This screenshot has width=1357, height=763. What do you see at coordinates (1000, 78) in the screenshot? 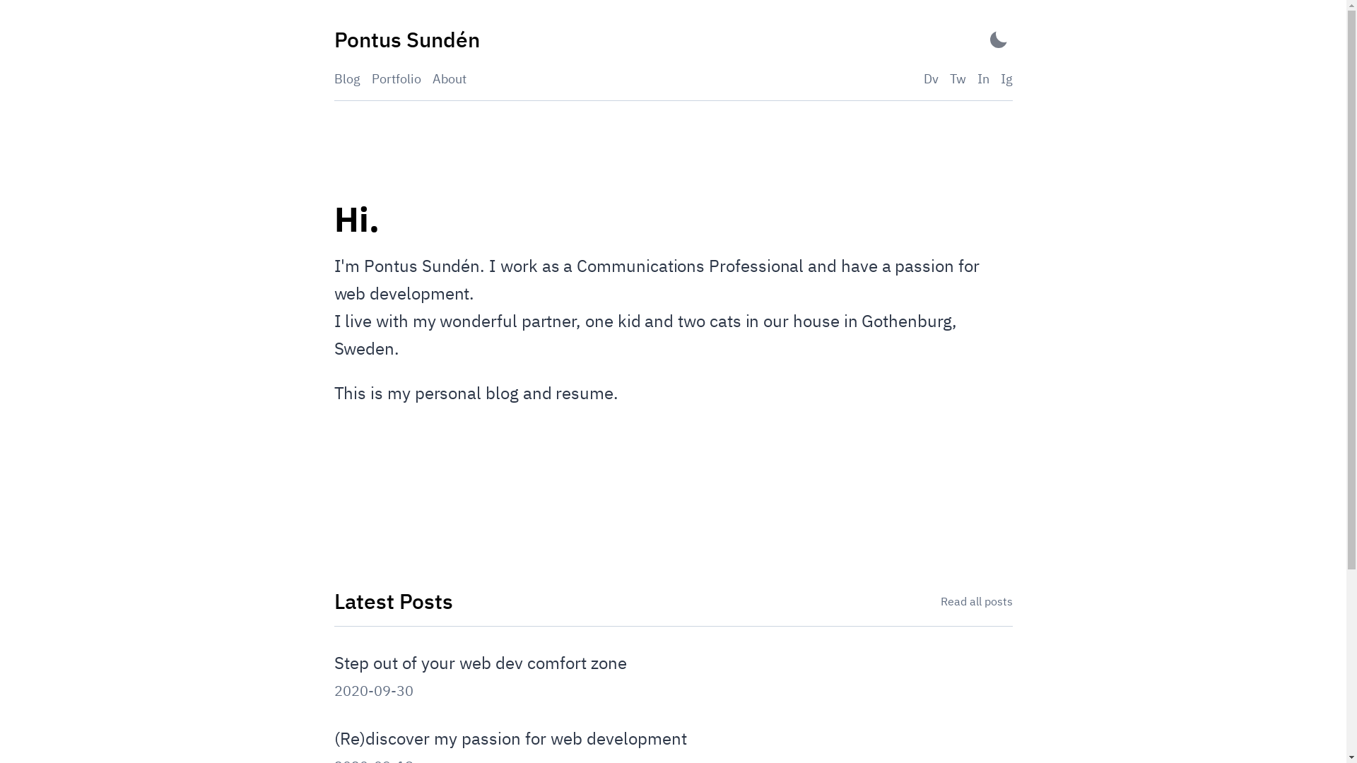
I see `'Ig'` at bounding box center [1000, 78].